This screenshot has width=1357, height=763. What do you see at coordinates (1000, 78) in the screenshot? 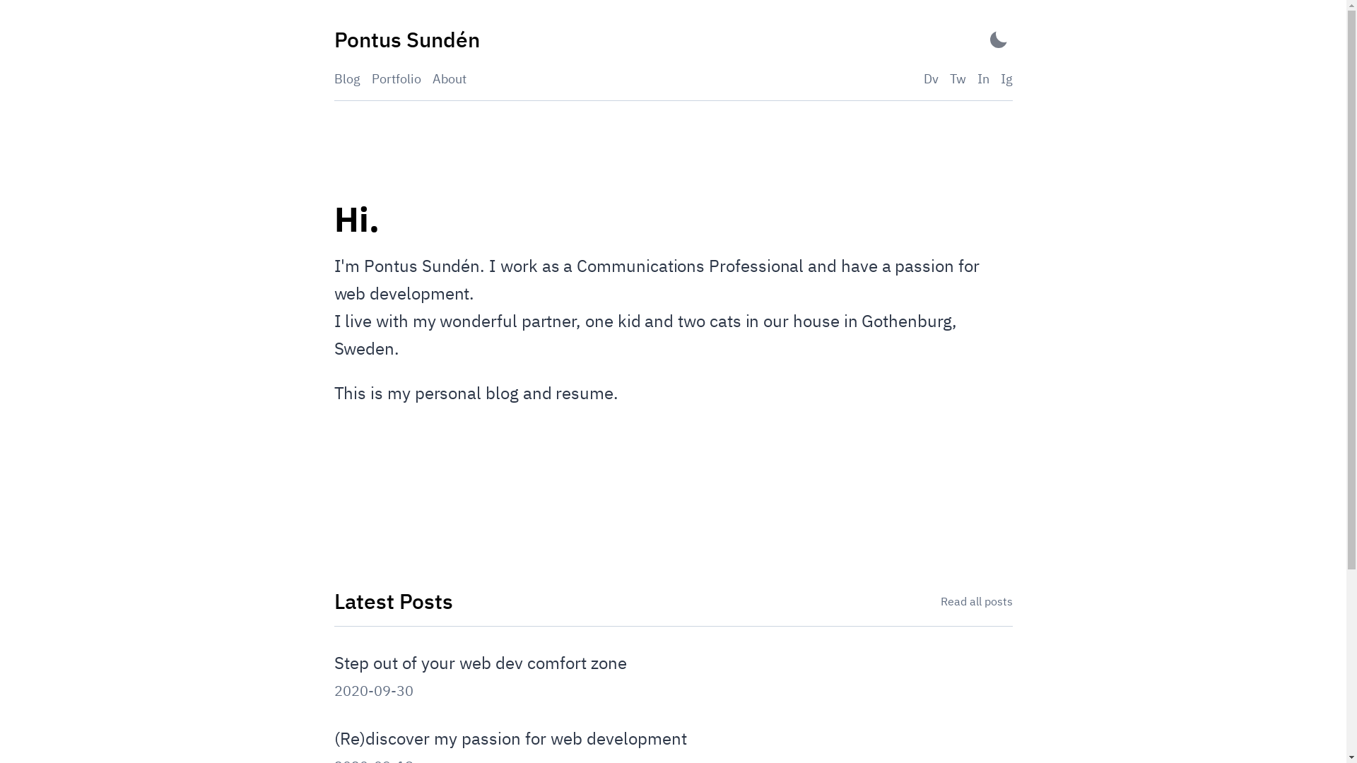
I see `'Ig'` at bounding box center [1000, 78].